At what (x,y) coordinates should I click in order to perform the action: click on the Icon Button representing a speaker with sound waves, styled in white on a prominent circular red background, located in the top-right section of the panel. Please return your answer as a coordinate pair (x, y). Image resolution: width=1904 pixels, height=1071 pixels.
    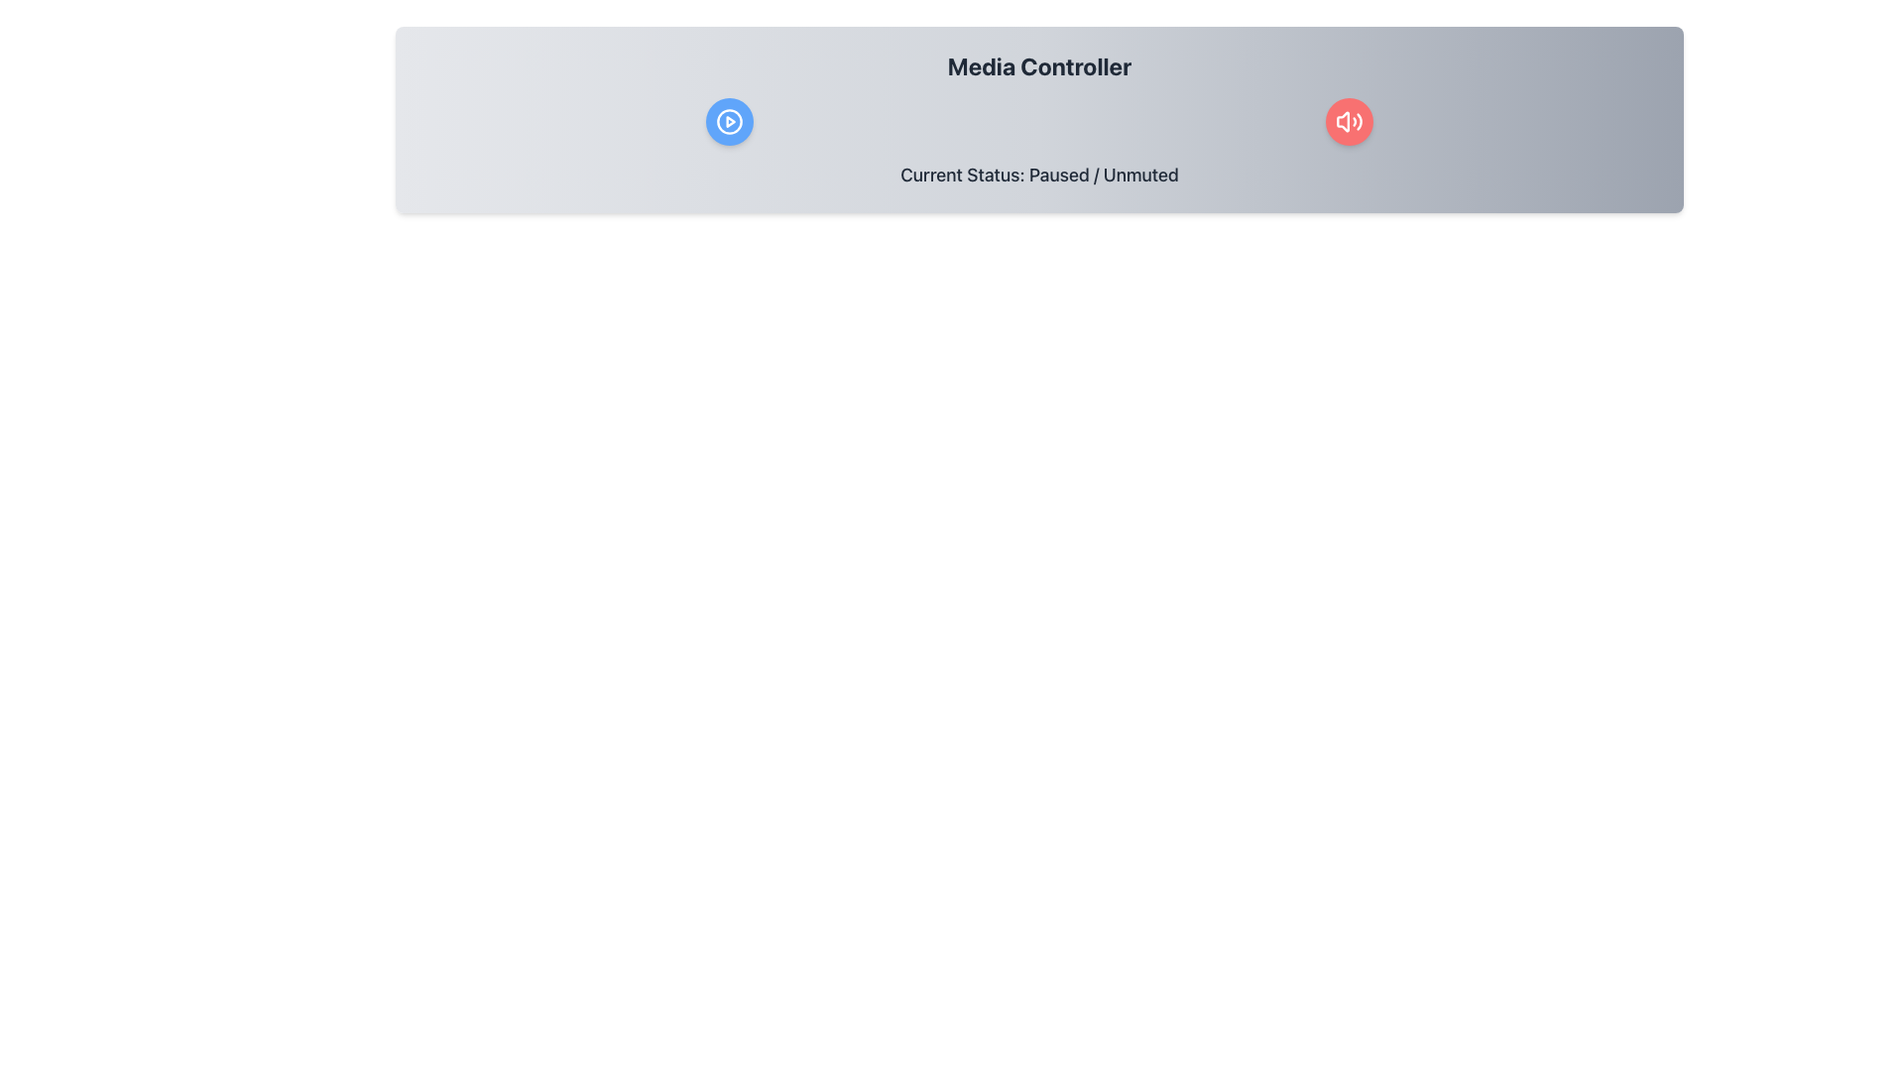
    Looking at the image, I should click on (1349, 122).